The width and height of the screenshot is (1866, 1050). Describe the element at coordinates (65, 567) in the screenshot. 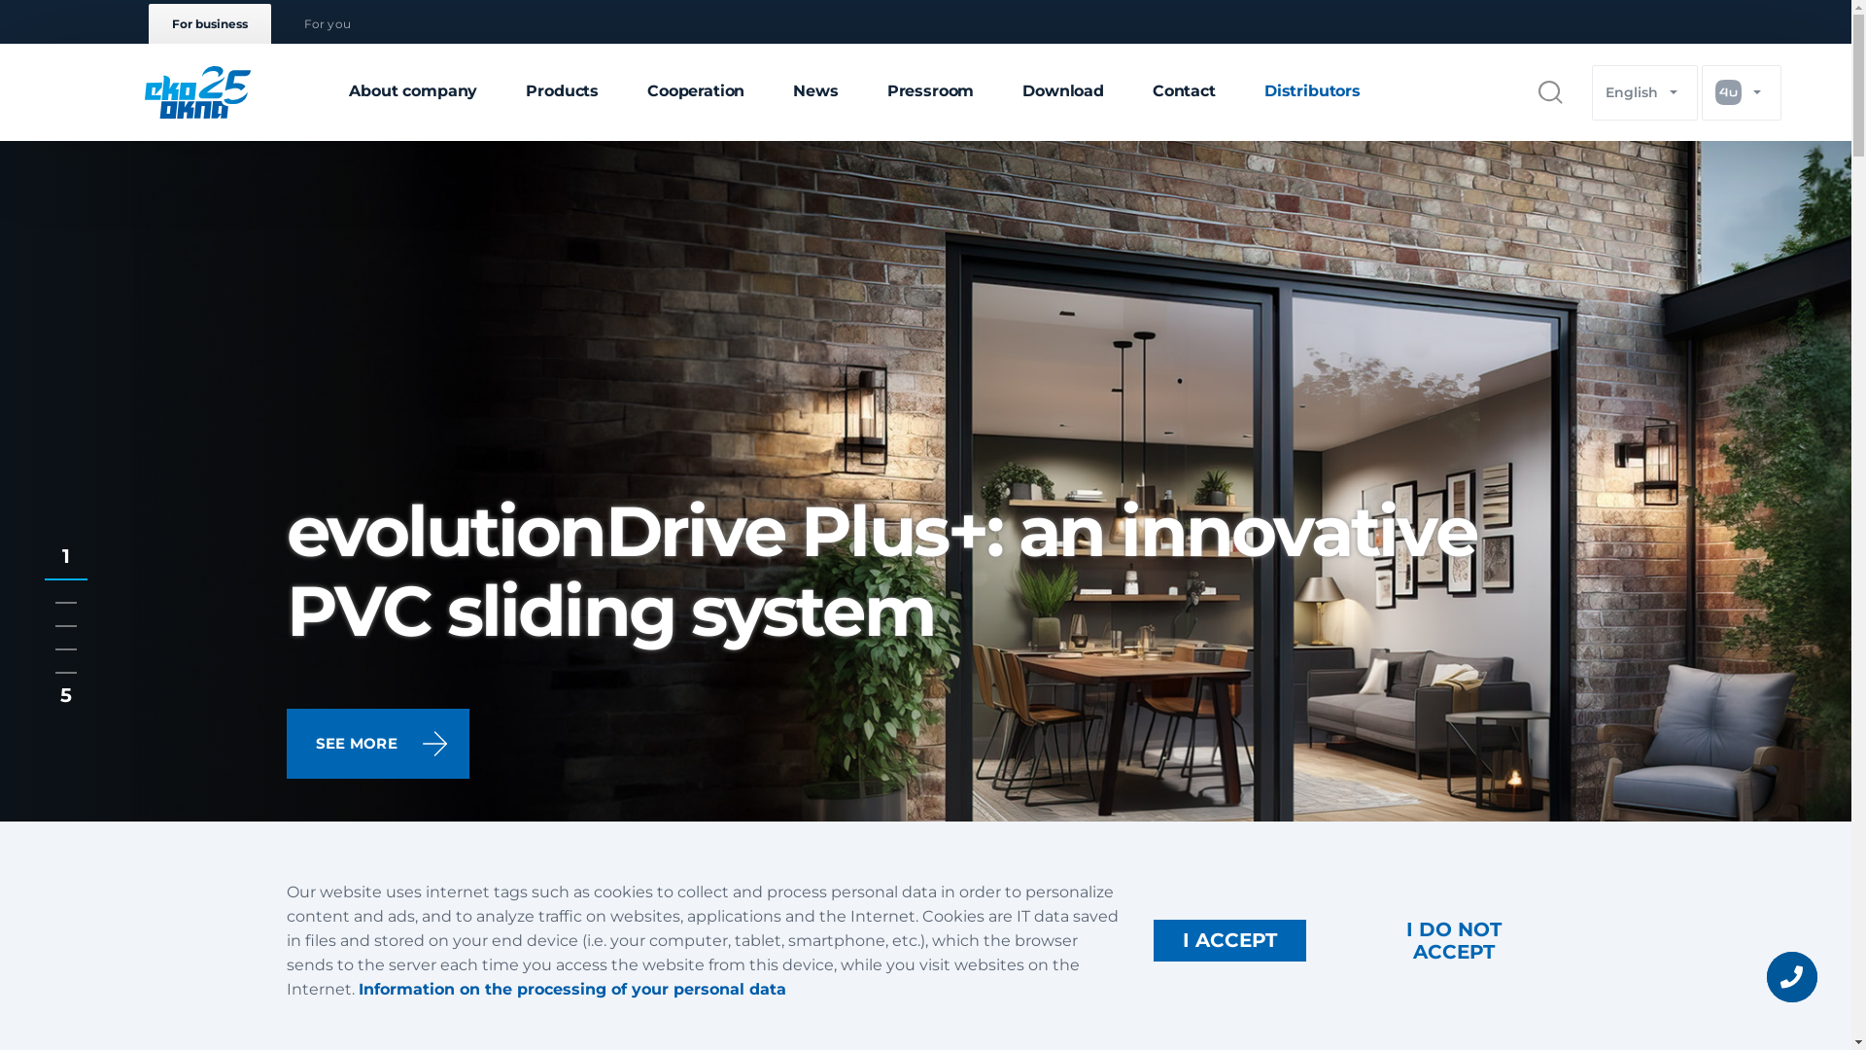

I see `'1'` at that location.